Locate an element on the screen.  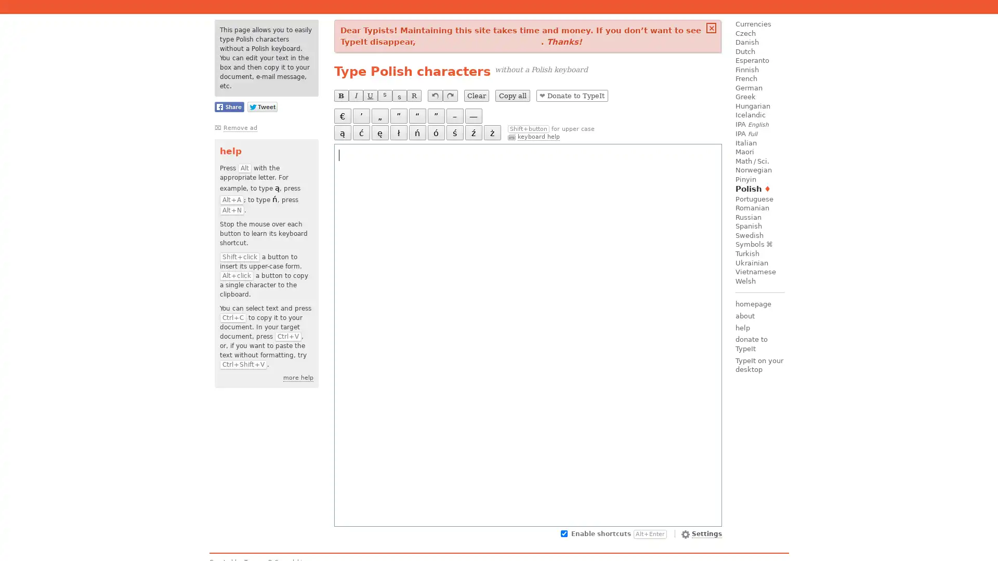
n is located at coordinates (417, 132).